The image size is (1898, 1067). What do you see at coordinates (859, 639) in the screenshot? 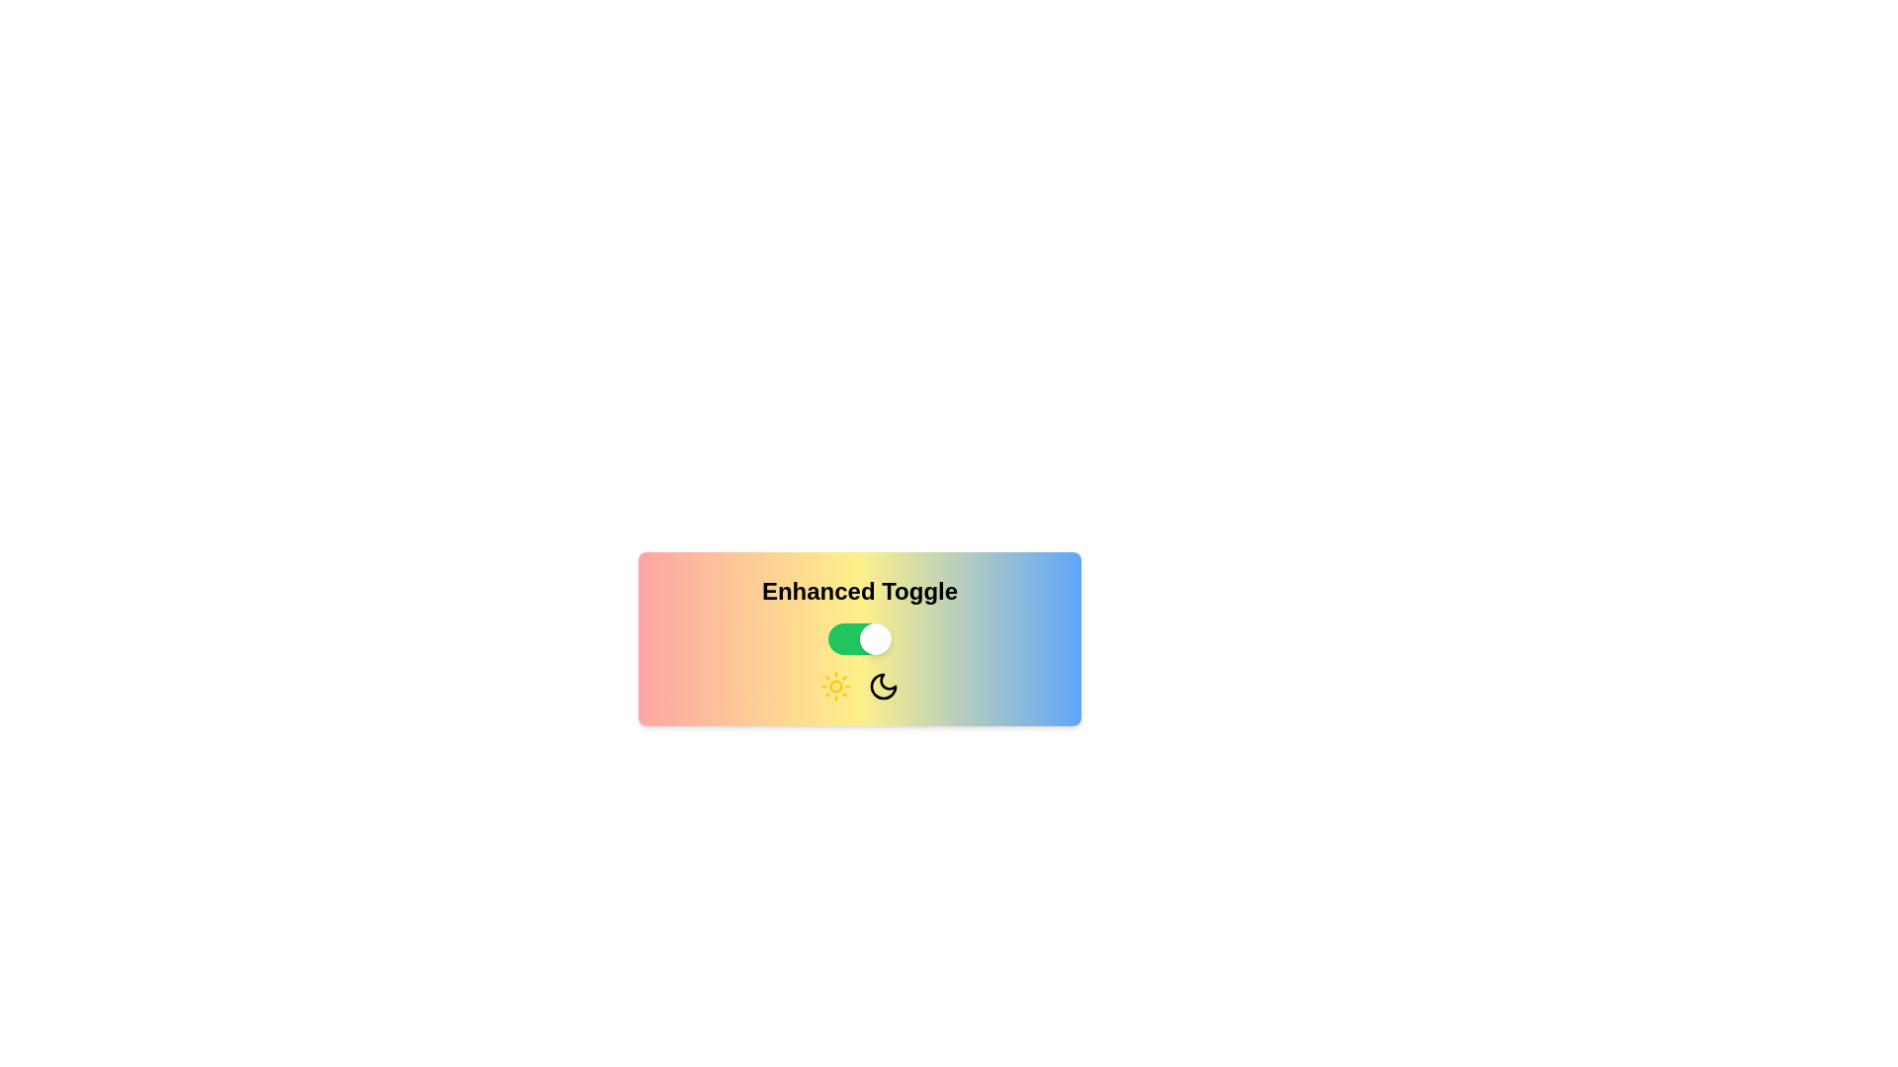
I see `the toggle switch to change its state` at bounding box center [859, 639].